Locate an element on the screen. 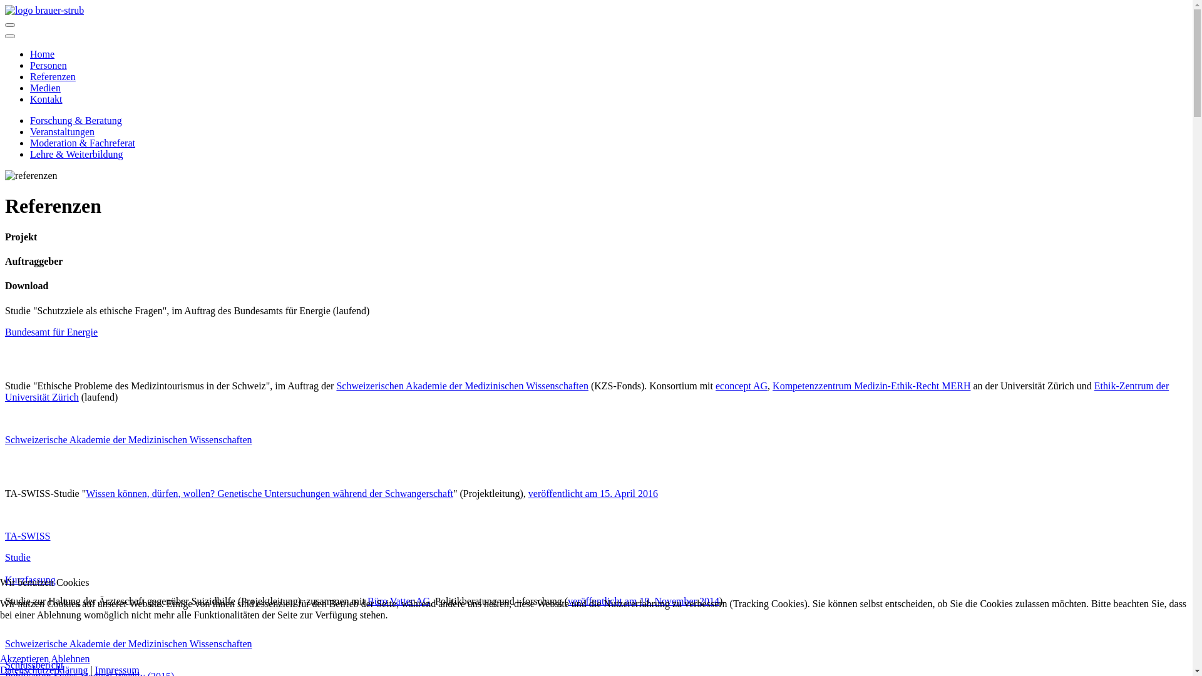 This screenshot has width=1202, height=676. 'Akzeptieren' is located at coordinates (24, 658).